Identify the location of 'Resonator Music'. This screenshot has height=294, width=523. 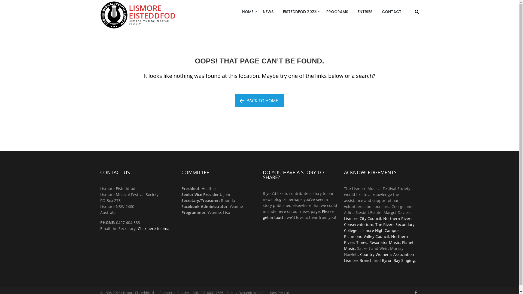
(384, 242).